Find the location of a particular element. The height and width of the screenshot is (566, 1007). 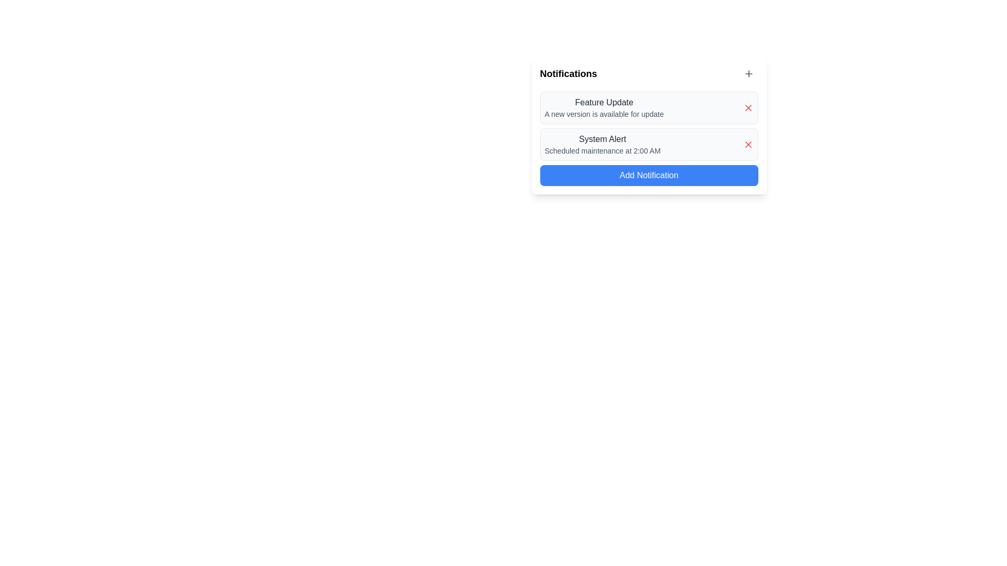

the text label displaying 'Scheduled maintenance at 2:00 AM' located below the 'System Alert' label in the Notifications card is located at coordinates (602, 151).